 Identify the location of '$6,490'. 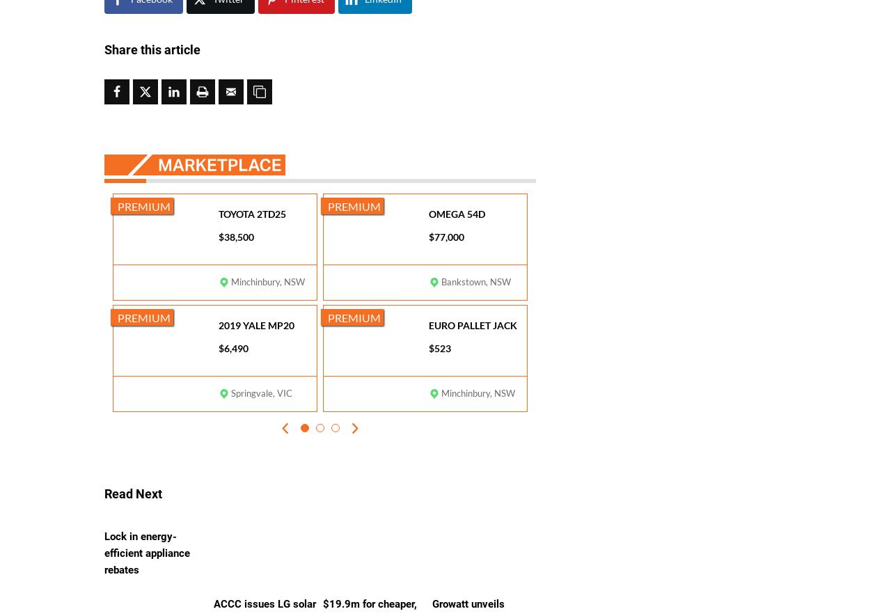
(233, 347).